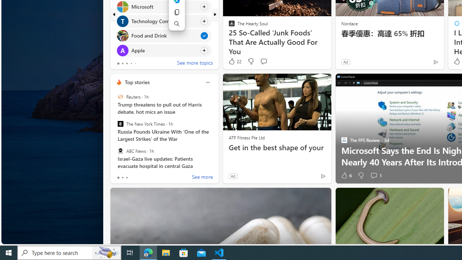  What do you see at coordinates (120, 150) in the screenshot?
I see `'ABC News'` at bounding box center [120, 150].